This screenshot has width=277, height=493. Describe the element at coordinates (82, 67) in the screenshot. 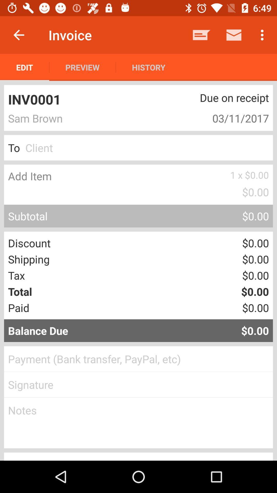

I see `icon below invoice` at that location.